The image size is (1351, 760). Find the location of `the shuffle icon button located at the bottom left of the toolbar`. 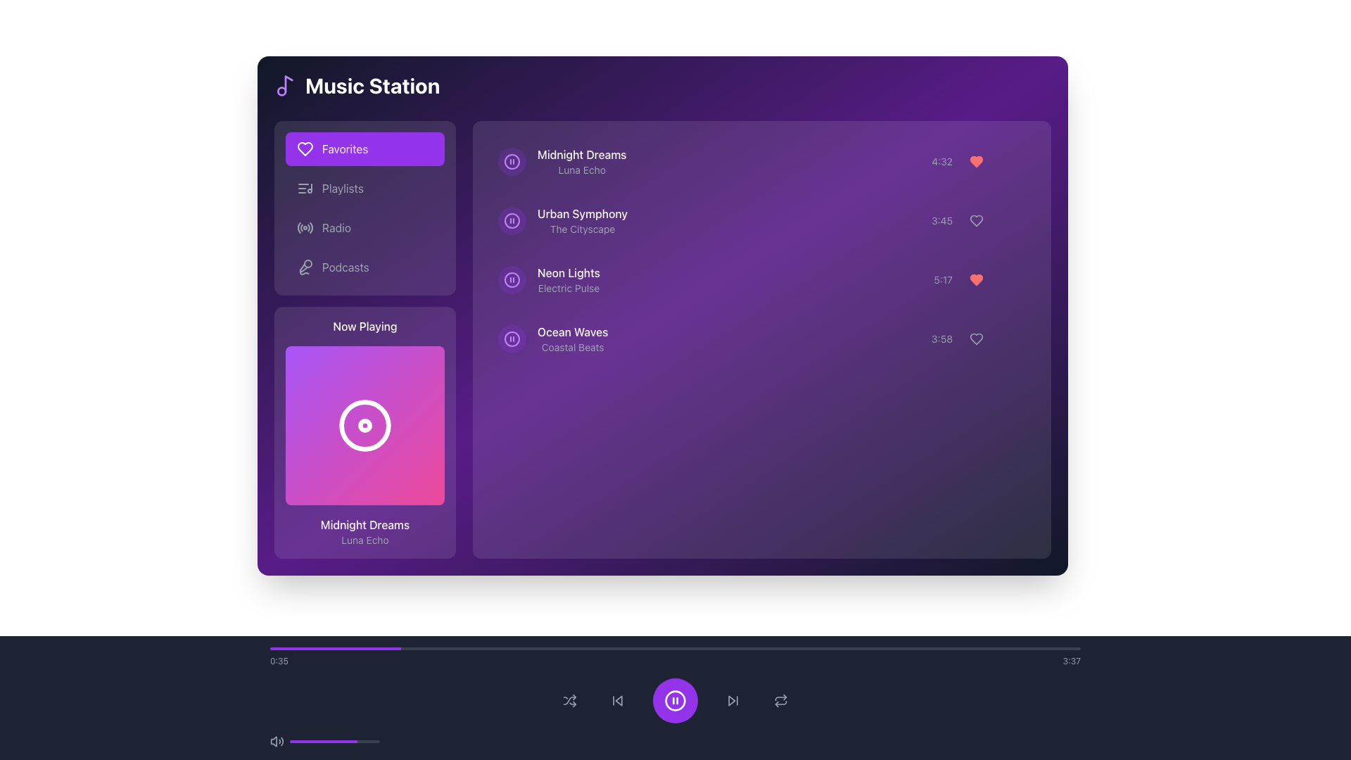

the shuffle icon button located at the bottom left of the toolbar is located at coordinates (570, 700).